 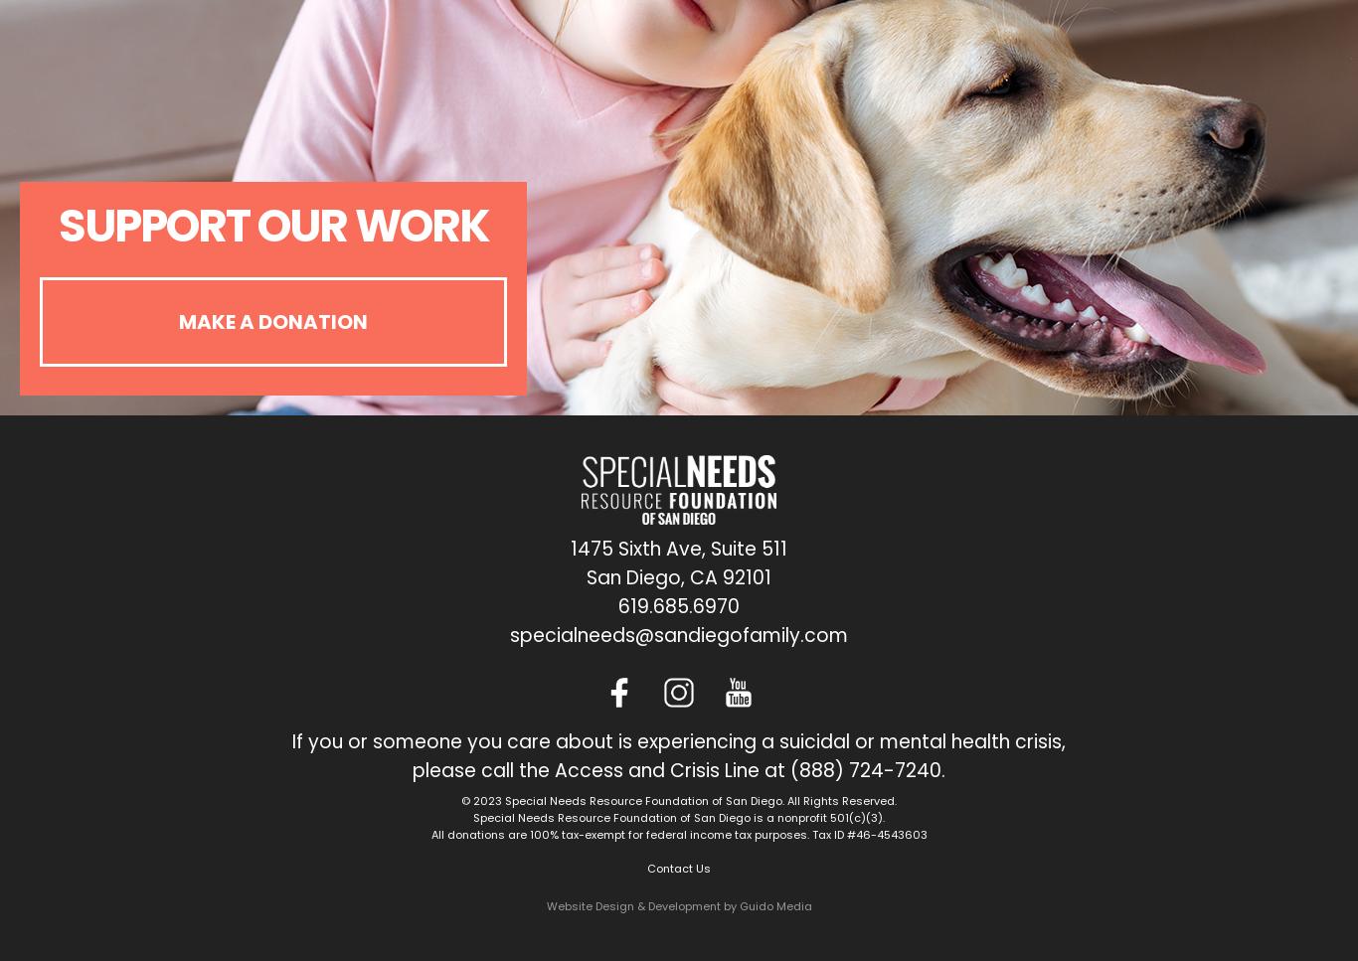 I want to click on '& Development by', so click(x=685, y=905).